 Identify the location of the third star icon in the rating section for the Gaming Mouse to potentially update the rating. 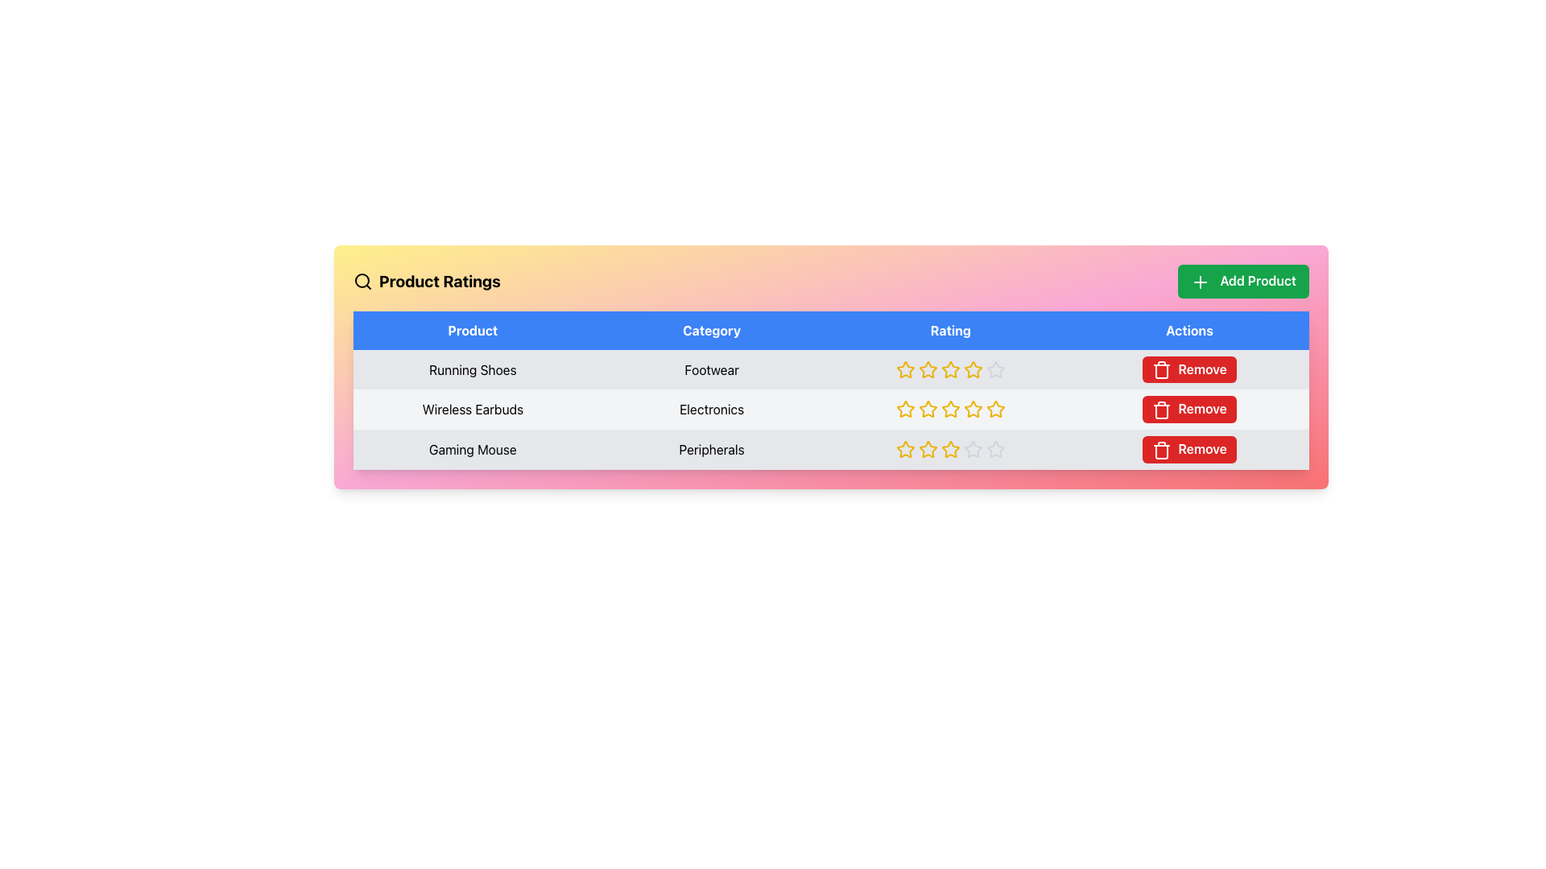
(950, 450).